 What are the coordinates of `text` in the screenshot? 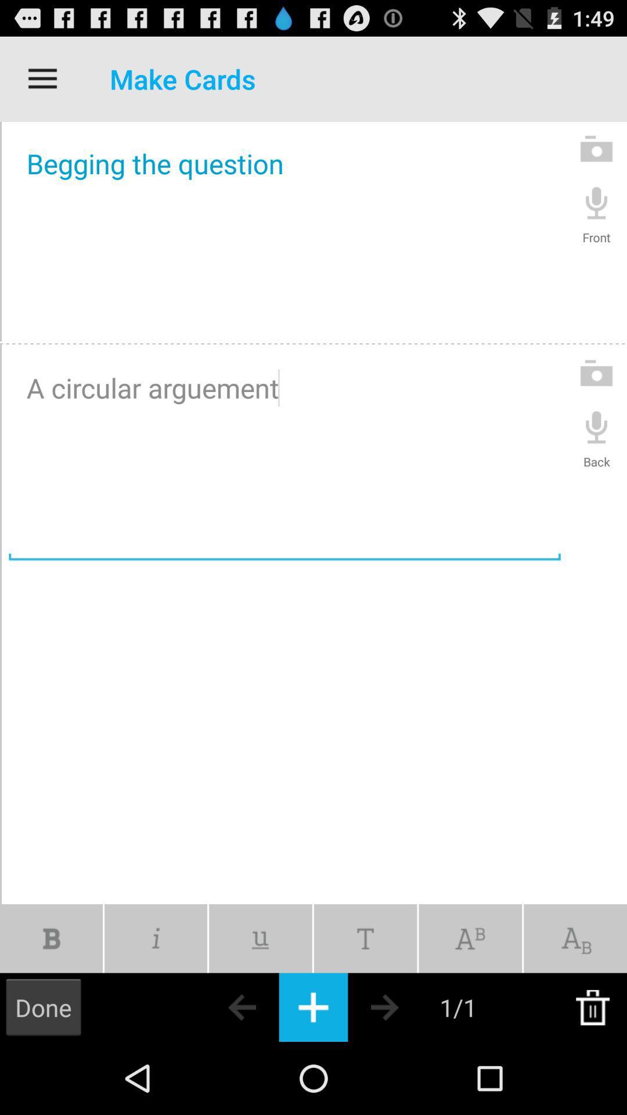 It's located at (365, 938).